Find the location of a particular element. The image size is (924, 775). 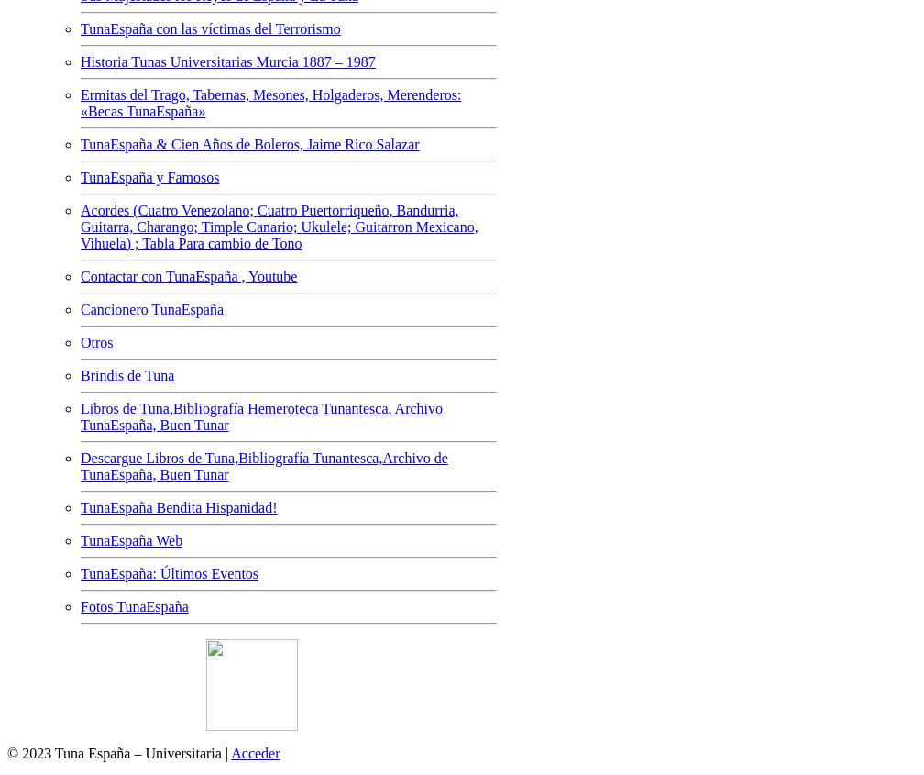

'Fotos TunaEspaña' is located at coordinates (134, 605).